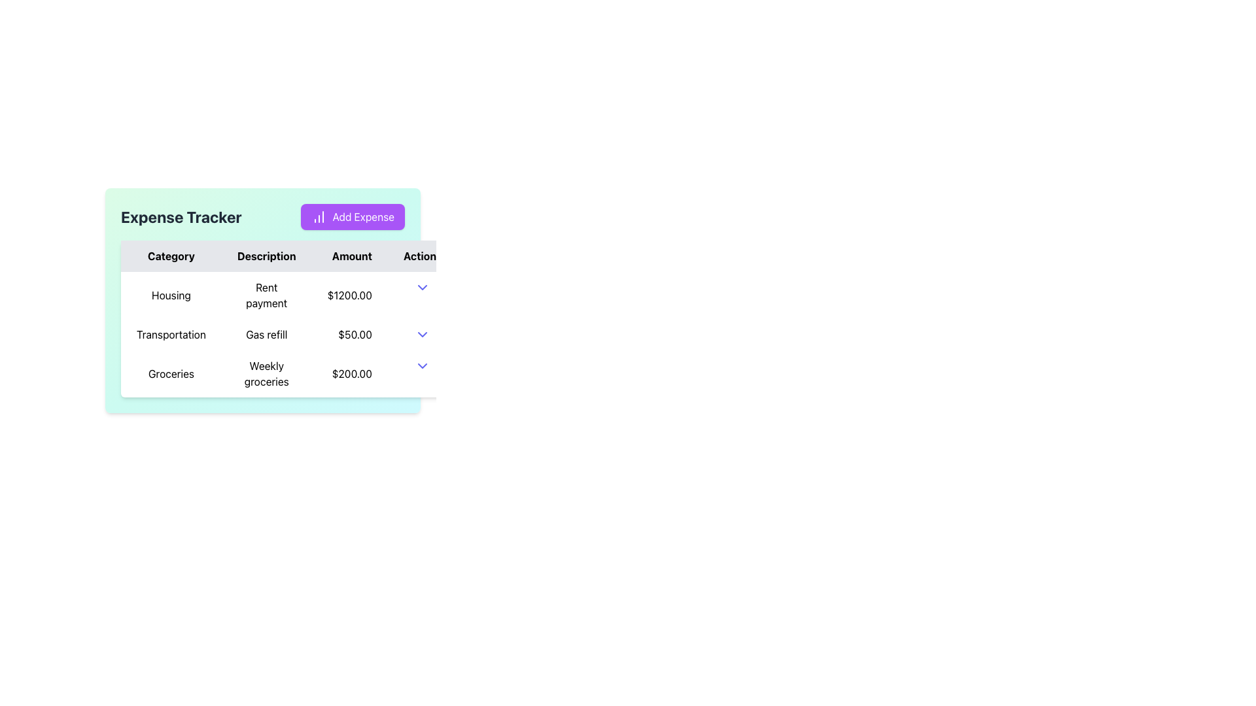  What do you see at coordinates (423, 286) in the screenshot?
I see `the blue downward-pointing chevron icon in the 'Action' column of the first row` at bounding box center [423, 286].